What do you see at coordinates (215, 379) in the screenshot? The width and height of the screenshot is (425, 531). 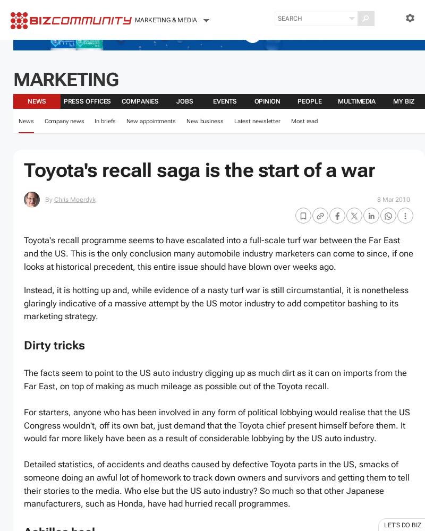 I see `'The facts seem to point to the US auto industry digging up as much dirt as it can on imports from the Far East, on top of making as much mileage as possible out of the Toyota recall.'` at bounding box center [215, 379].